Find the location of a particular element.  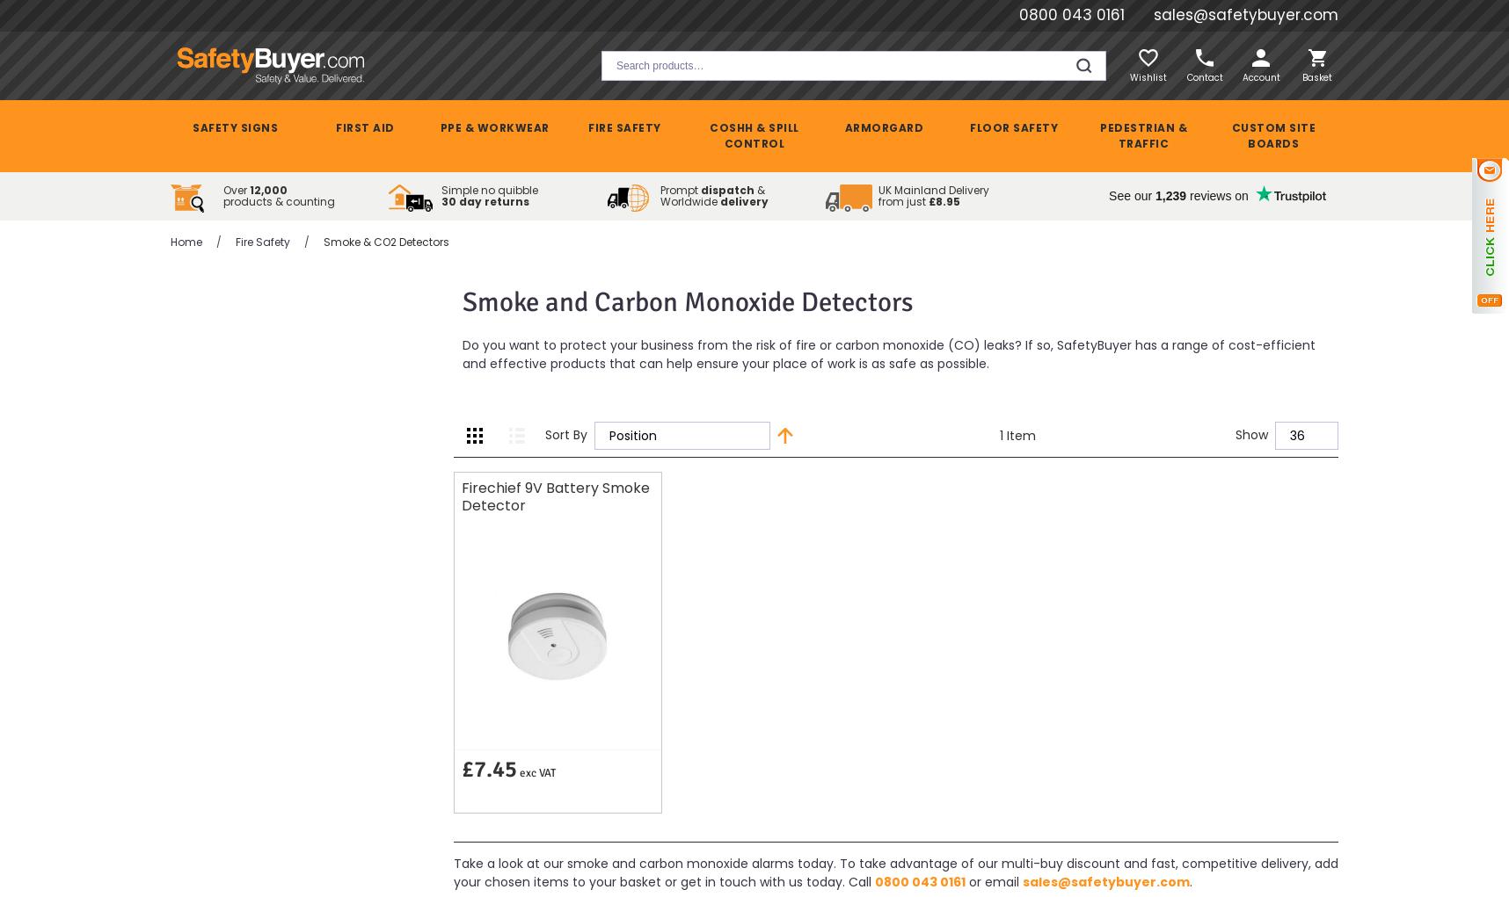

'Wishlist' is located at coordinates (1148, 76).